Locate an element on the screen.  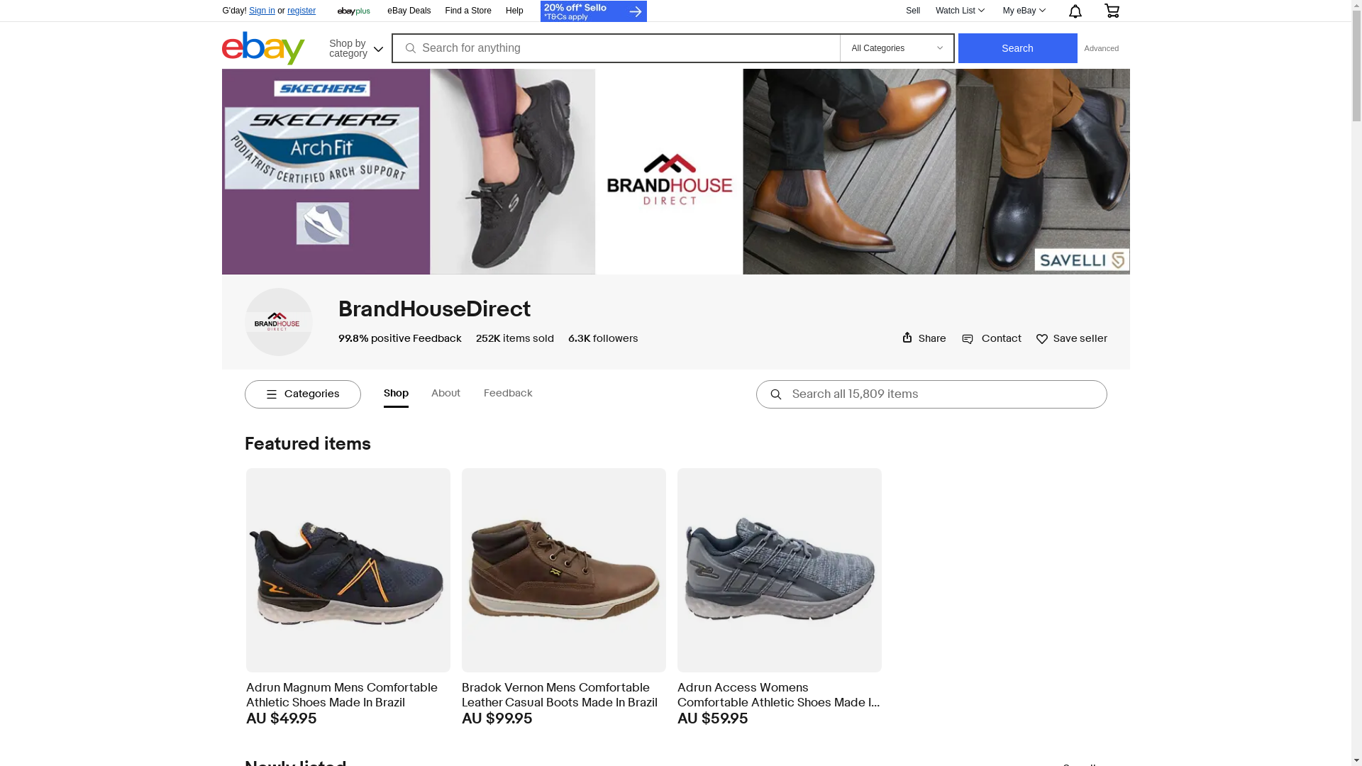
'Shop by category' is located at coordinates (354, 45).